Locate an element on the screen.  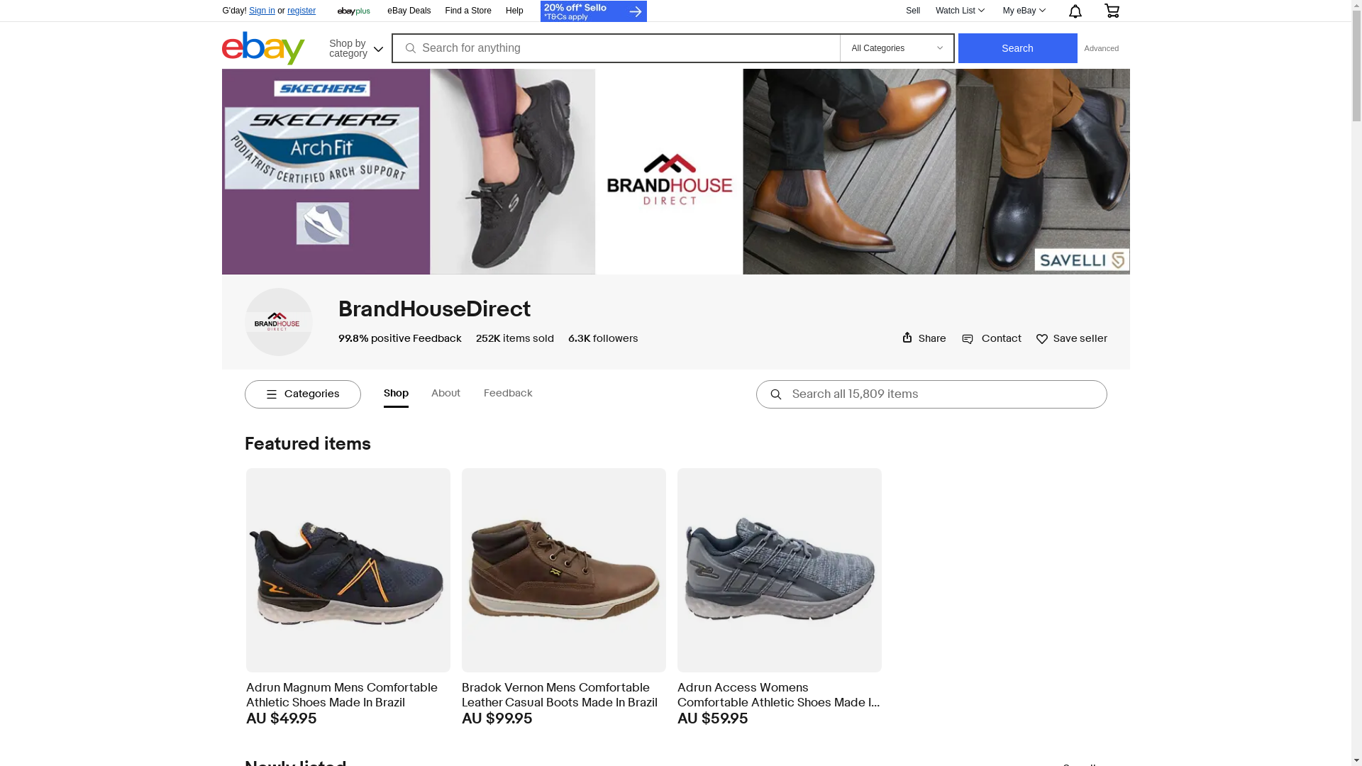
'Shop by category' is located at coordinates (354, 45).